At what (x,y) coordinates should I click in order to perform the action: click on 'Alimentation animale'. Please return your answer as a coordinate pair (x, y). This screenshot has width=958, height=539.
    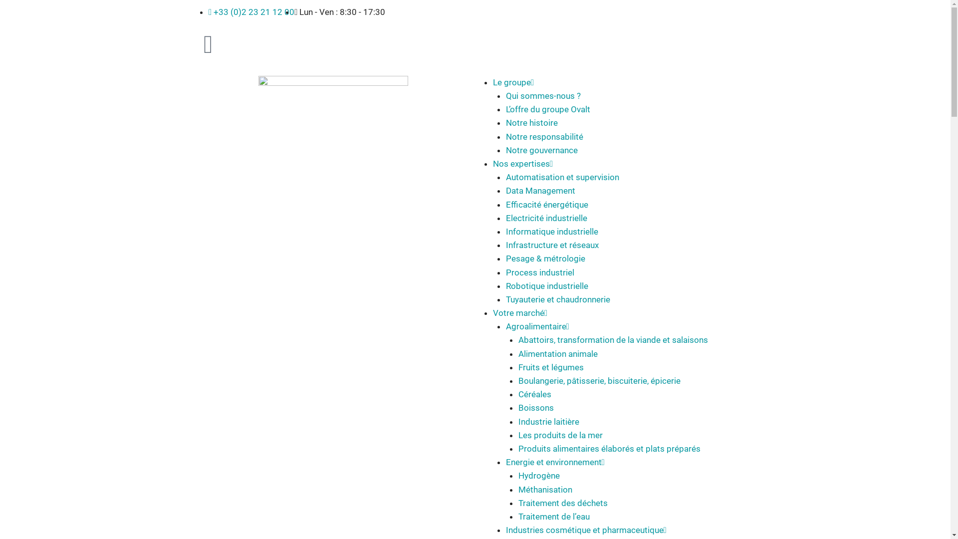
    Looking at the image, I should click on (557, 353).